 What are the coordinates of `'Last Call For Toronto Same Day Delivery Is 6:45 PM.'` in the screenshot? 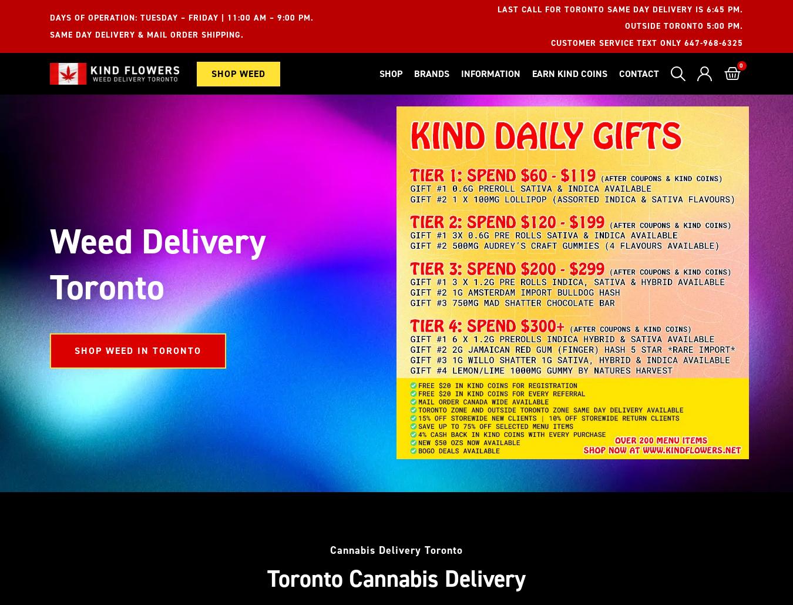 It's located at (620, 9).